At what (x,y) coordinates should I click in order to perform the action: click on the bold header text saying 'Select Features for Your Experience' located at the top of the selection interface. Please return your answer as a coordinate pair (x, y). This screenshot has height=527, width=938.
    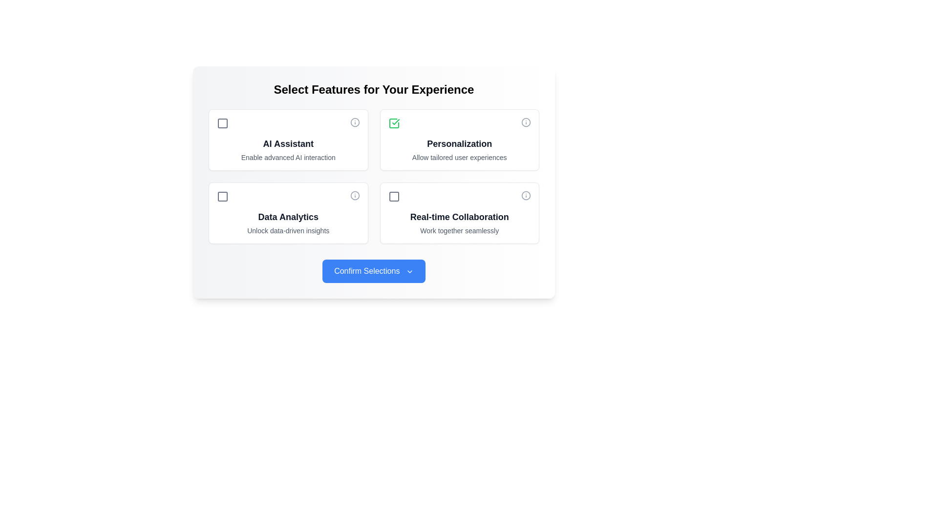
    Looking at the image, I should click on (373, 90).